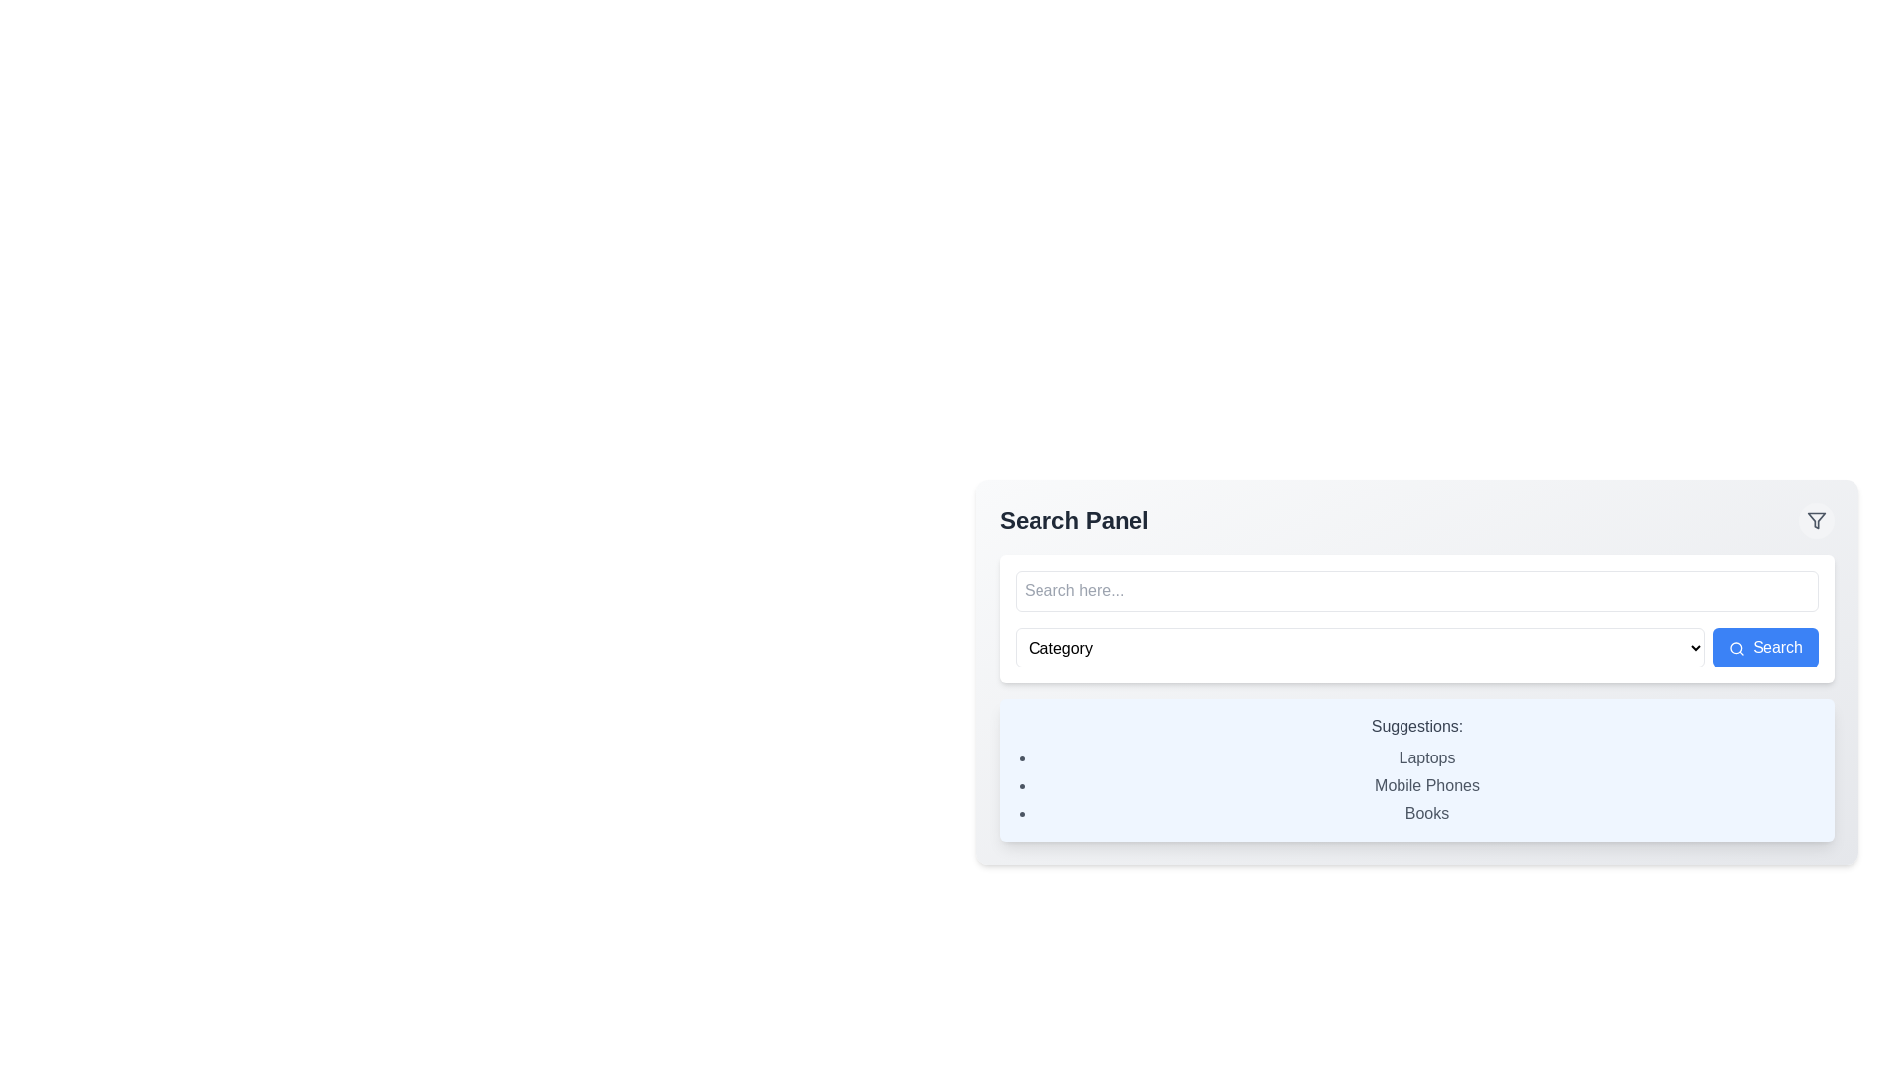 The width and height of the screenshot is (1899, 1068). Describe the element at coordinates (1817, 520) in the screenshot. I see `the circular filter button with a funnel icon located in the top-right corner of the 'Search Panel' header` at that location.